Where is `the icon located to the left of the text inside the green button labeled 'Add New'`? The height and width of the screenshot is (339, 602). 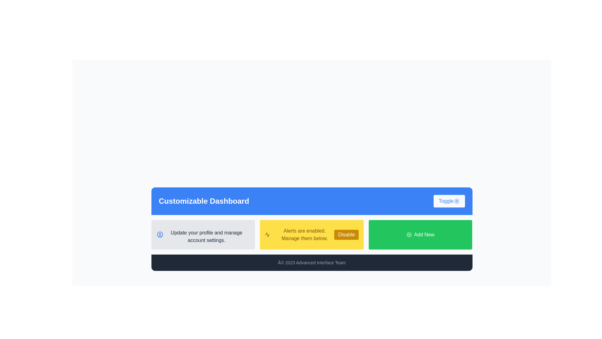
the icon located to the left of the text inside the green button labeled 'Add New' is located at coordinates (409, 235).